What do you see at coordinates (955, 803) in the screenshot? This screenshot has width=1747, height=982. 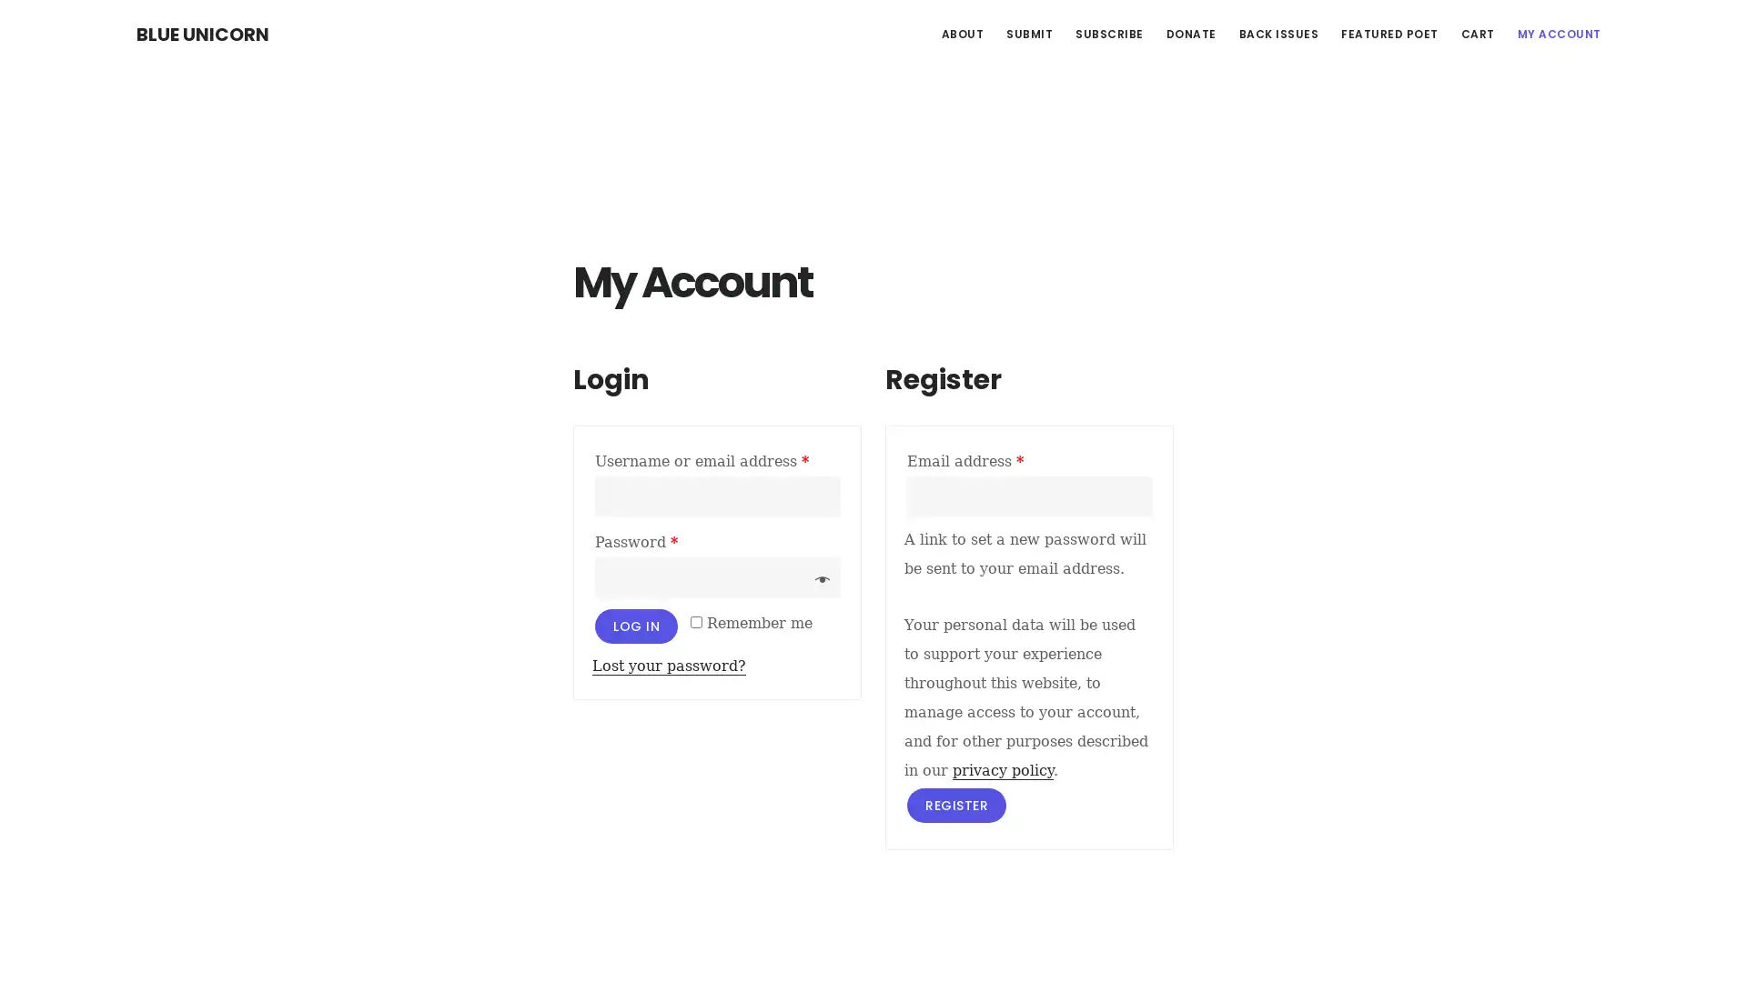 I see `REGISTER` at bounding box center [955, 803].